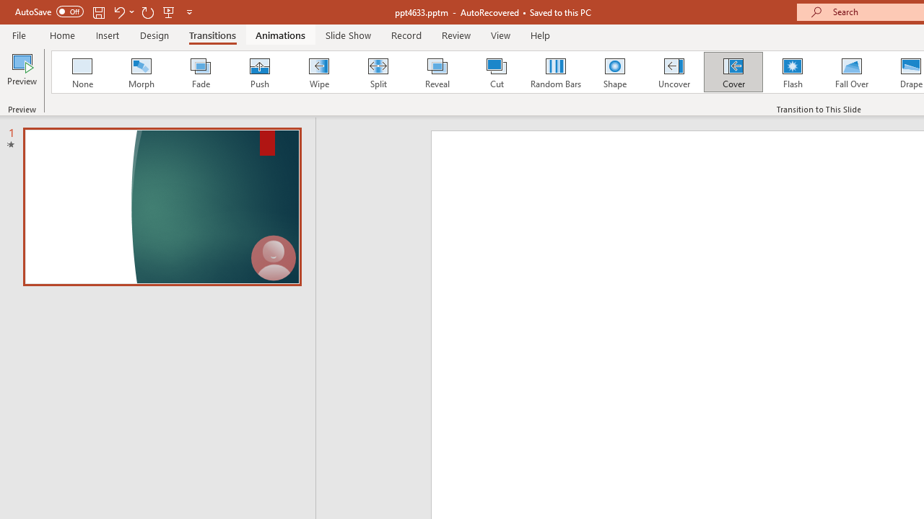 The width and height of the screenshot is (924, 519). What do you see at coordinates (511, 72) in the screenshot?
I see `'Organic Loading Preview...'` at bounding box center [511, 72].